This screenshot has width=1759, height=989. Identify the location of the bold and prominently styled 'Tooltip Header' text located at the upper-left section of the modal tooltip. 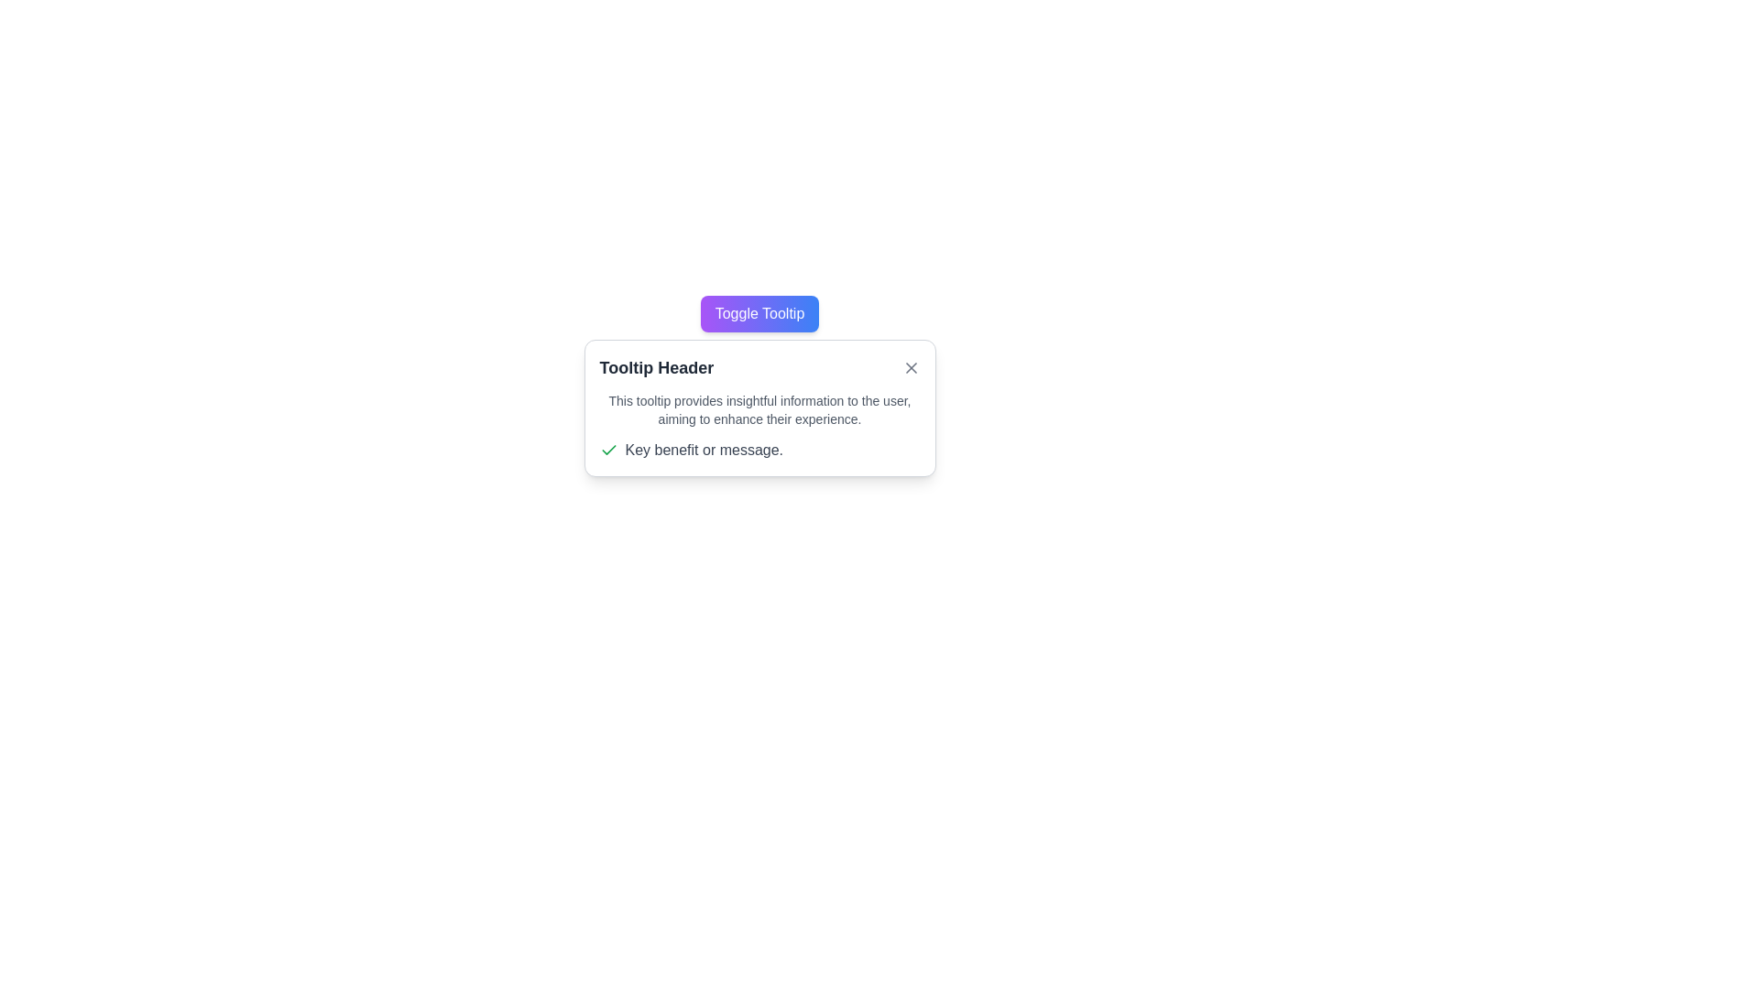
(656, 367).